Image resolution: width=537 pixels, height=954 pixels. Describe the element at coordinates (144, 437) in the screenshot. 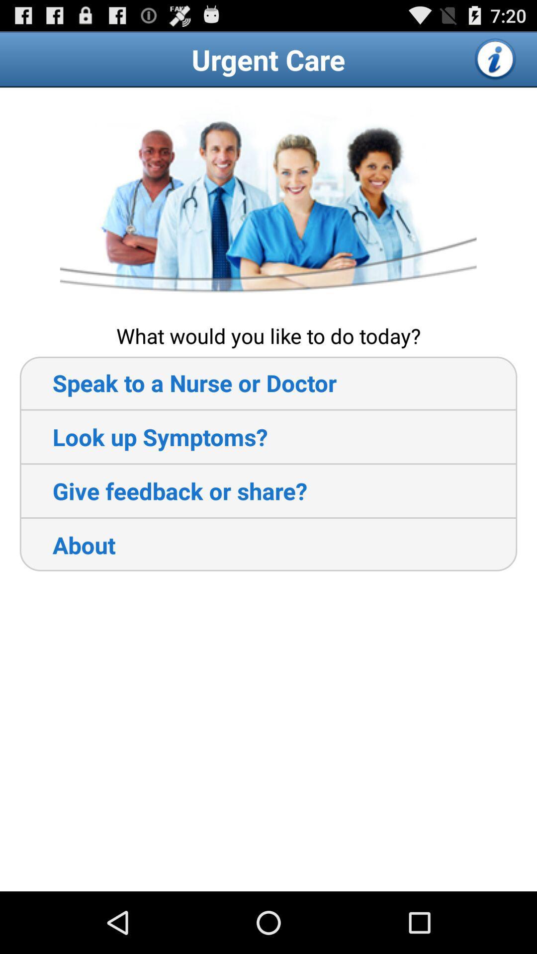

I see `app below speak to a icon` at that location.